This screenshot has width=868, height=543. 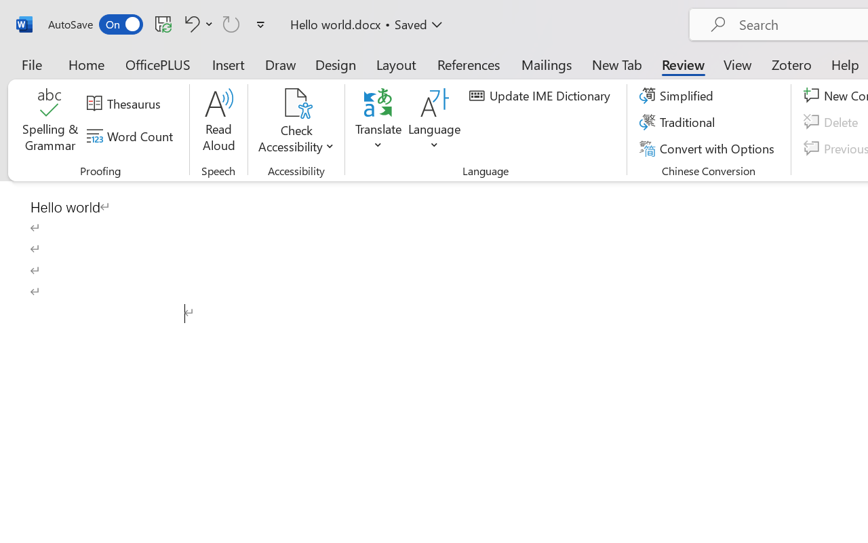 What do you see at coordinates (229, 64) in the screenshot?
I see `'Insert'` at bounding box center [229, 64].